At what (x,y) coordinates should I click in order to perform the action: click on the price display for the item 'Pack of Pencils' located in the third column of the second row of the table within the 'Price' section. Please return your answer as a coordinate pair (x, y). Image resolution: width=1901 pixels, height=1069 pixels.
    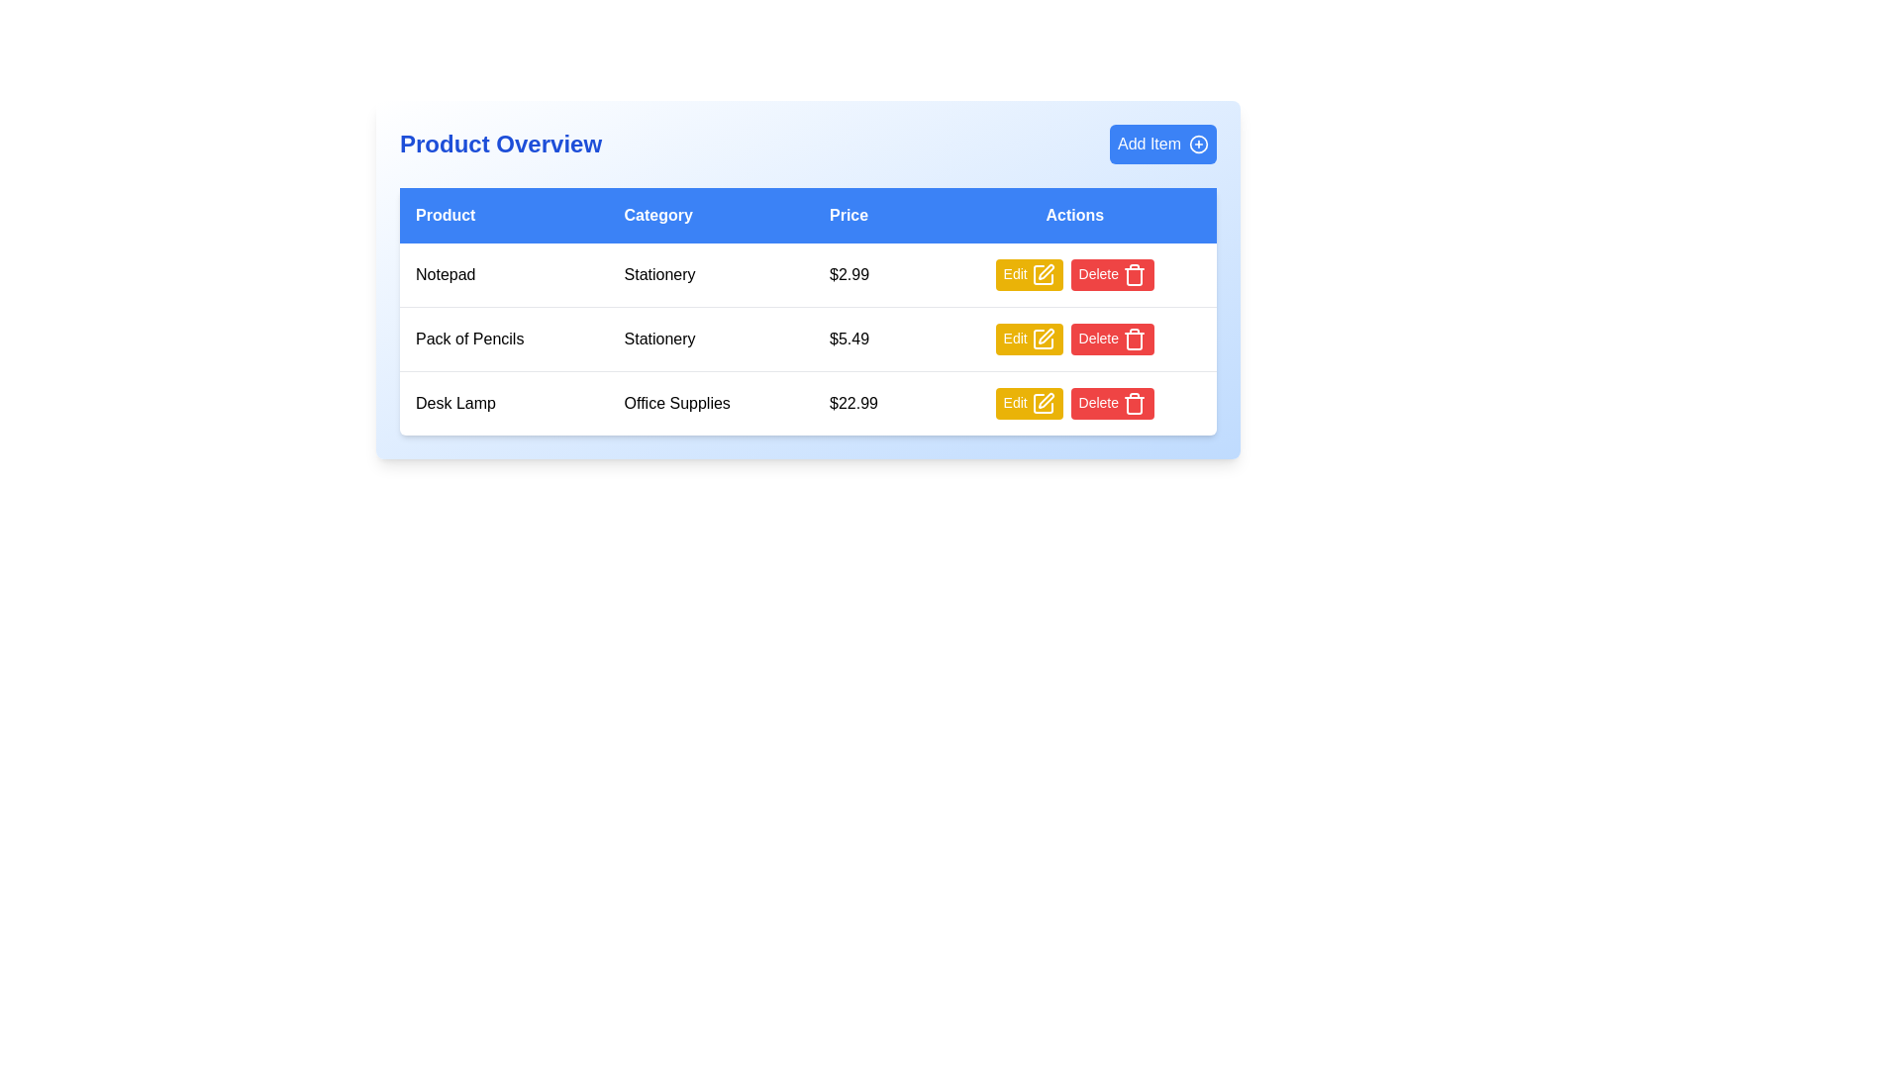
    Looking at the image, I should click on (872, 339).